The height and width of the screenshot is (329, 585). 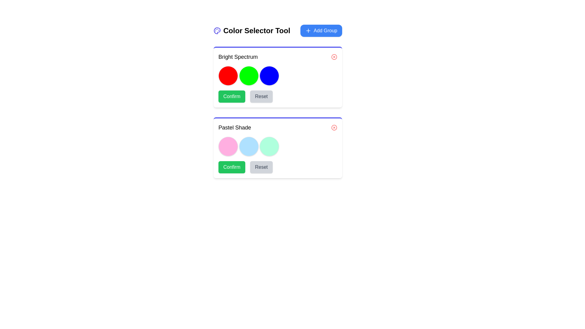 I want to click on the 'Add Group' icon located to the left of the 'Add Group' button, which visually indicates the functionality of adding a new item or group, so click(x=308, y=30).